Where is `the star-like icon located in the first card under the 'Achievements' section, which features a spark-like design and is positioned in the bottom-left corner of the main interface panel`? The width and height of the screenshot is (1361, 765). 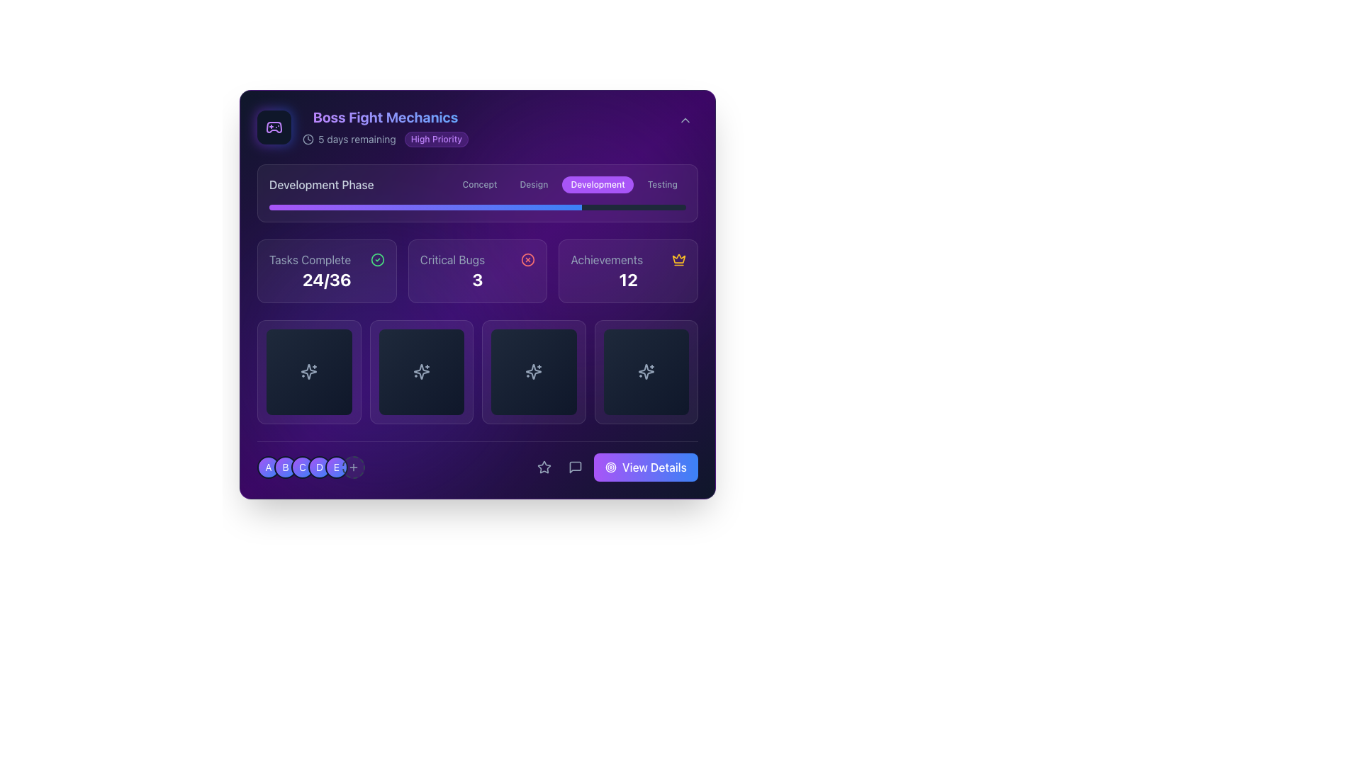 the star-like icon located in the first card under the 'Achievements' section, which features a spark-like design and is positioned in the bottom-left corner of the main interface panel is located at coordinates (308, 371).